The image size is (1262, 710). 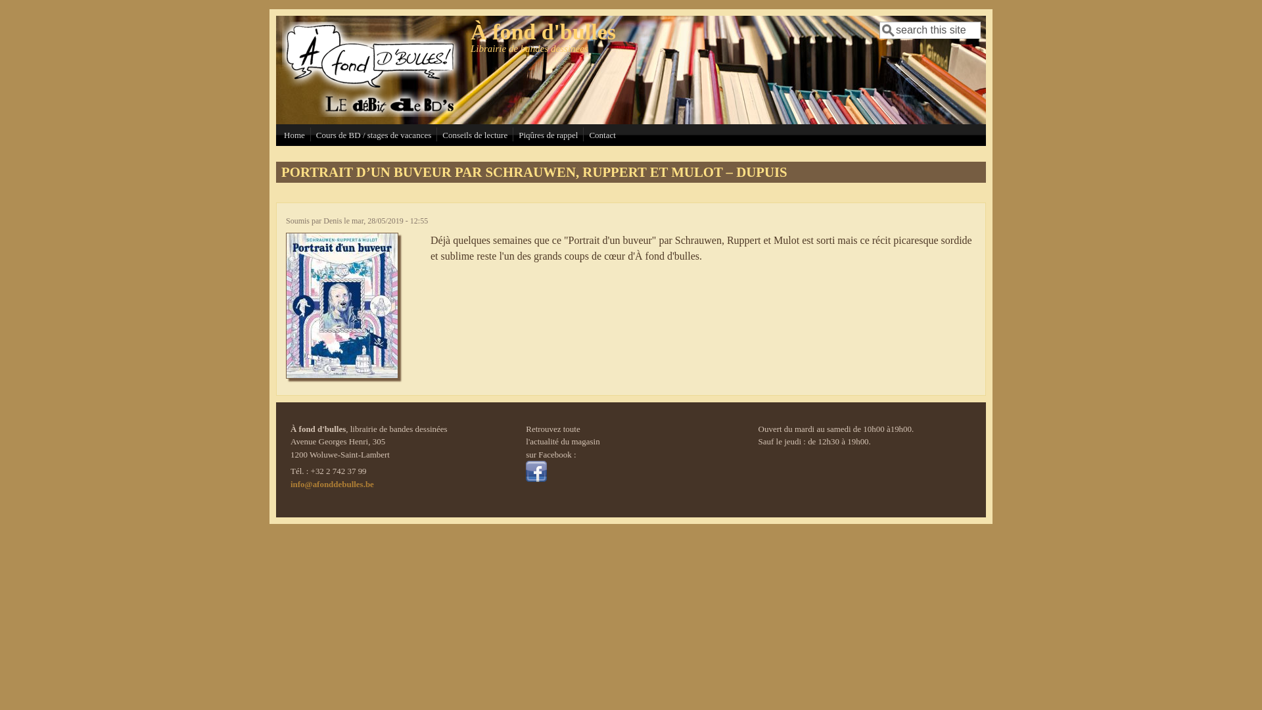 What do you see at coordinates (601, 135) in the screenshot?
I see `'Contact'` at bounding box center [601, 135].